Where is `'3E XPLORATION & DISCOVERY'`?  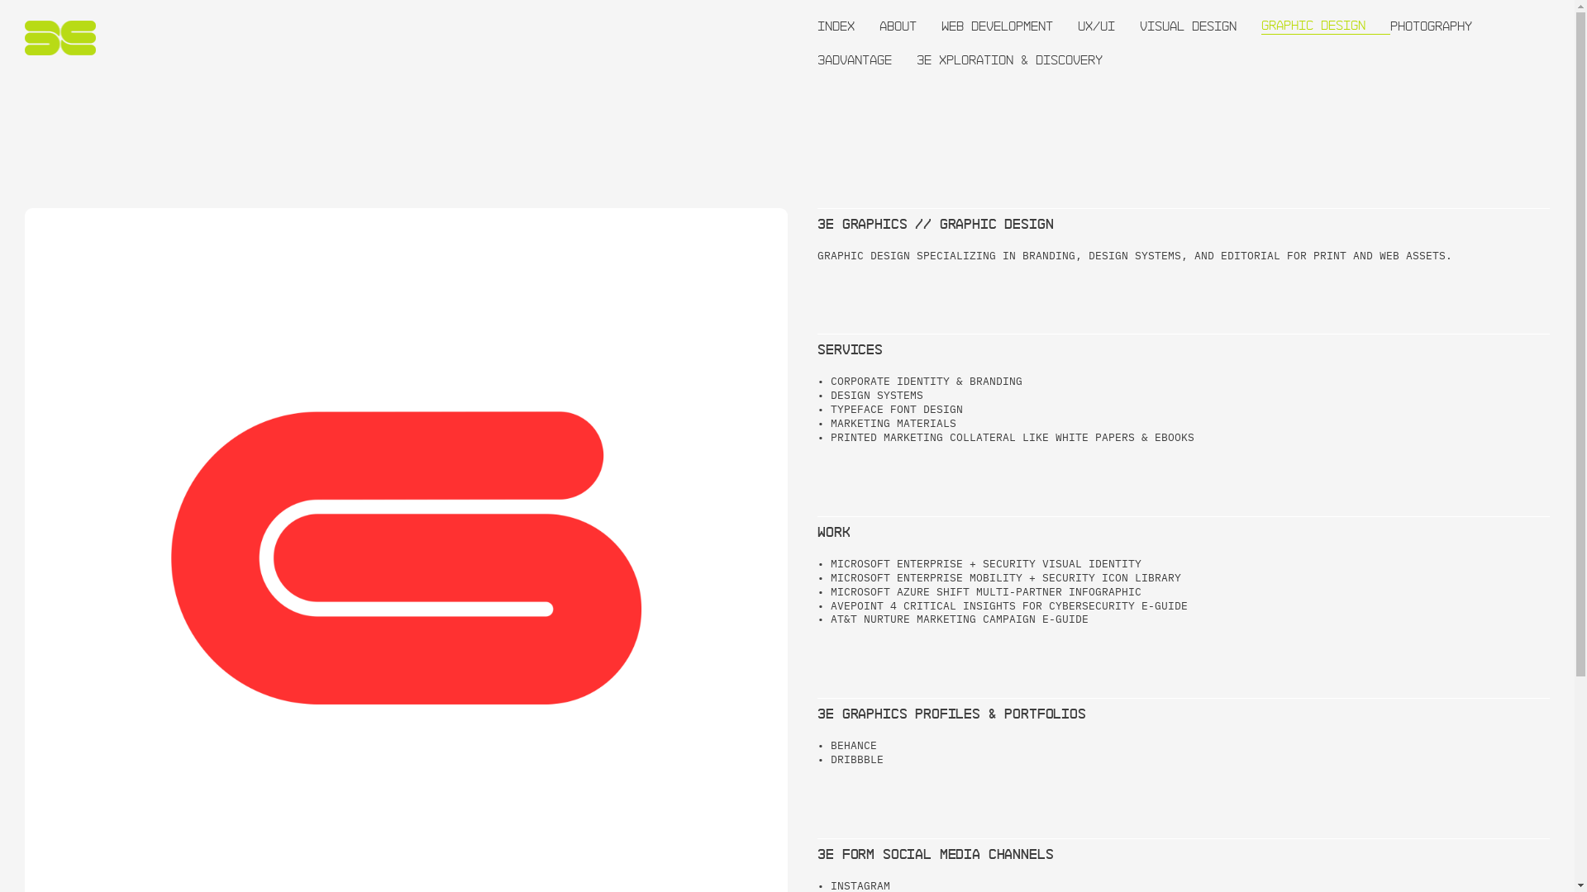
'3E XPLORATION & DISCOVERY' is located at coordinates (1021, 50).